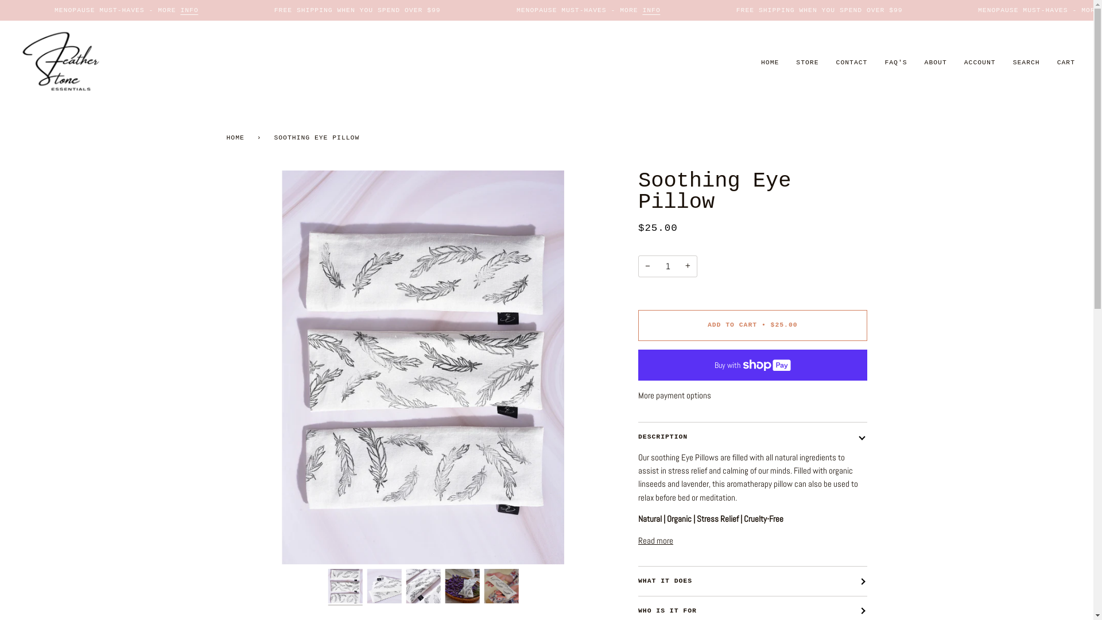 Image resolution: width=1102 pixels, height=620 pixels. Describe the element at coordinates (655, 541) in the screenshot. I see `'Read more'` at that location.